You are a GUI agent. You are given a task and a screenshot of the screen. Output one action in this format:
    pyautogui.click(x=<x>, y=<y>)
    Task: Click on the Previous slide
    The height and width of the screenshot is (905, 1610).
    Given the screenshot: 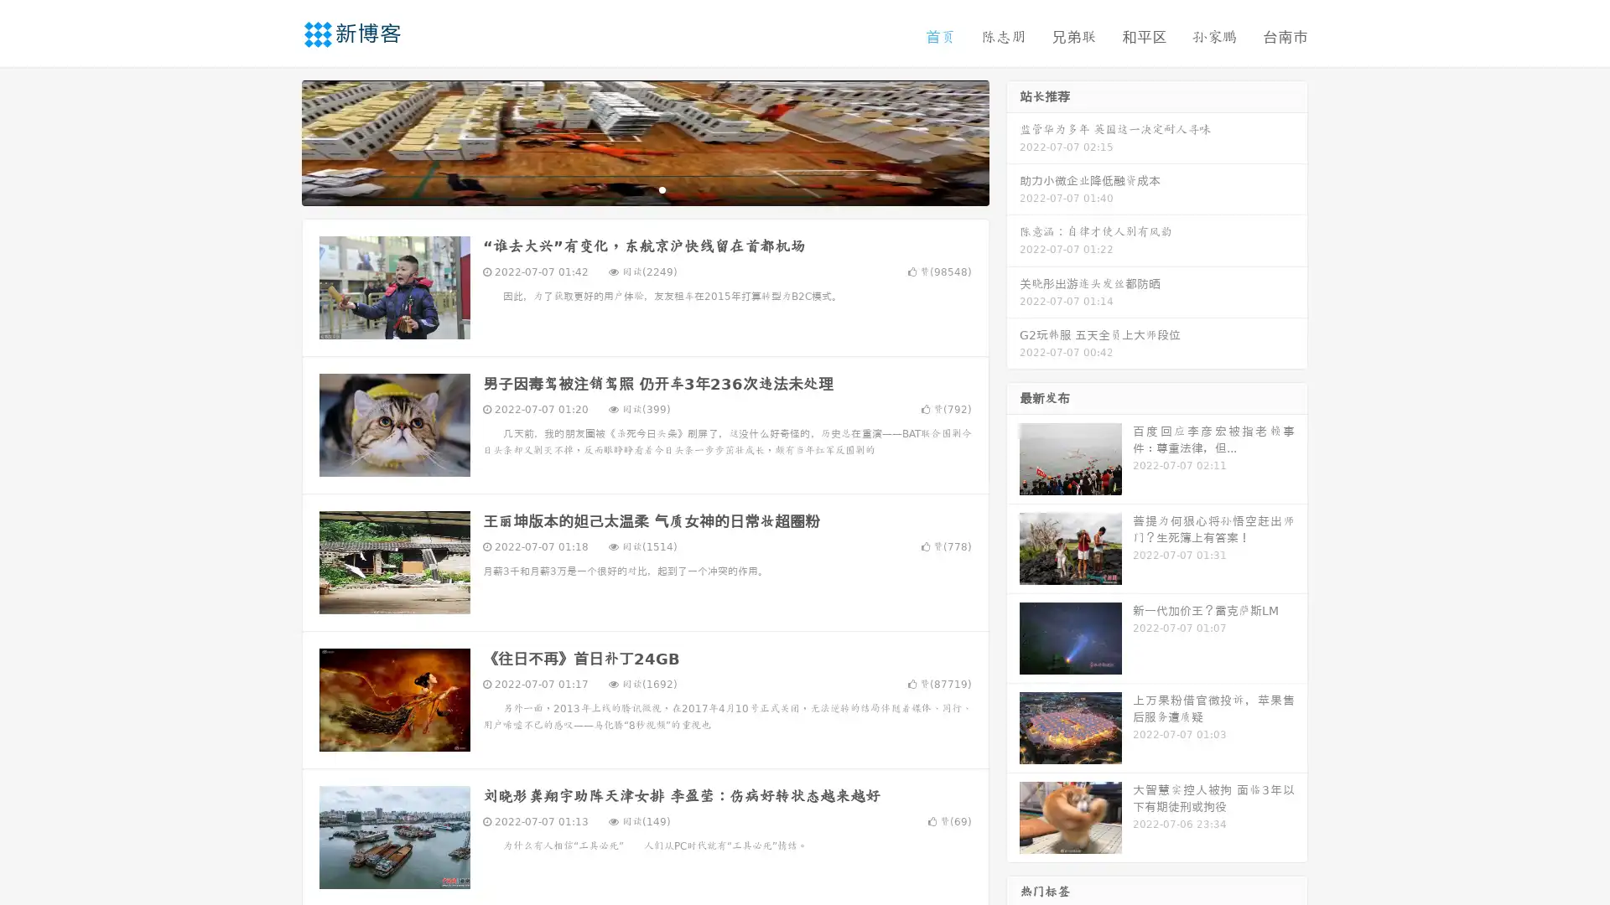 What is the action you would take?
    pyautogui.click(x=277, y=141)
    